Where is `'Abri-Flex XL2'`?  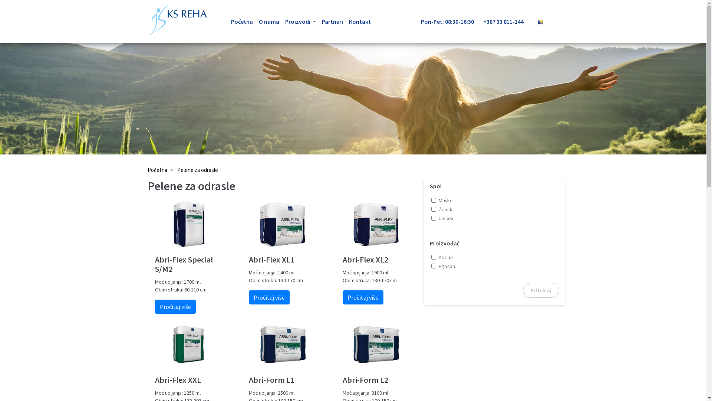
'Abri-Flex XL2' is located at coordinates (376, 259).